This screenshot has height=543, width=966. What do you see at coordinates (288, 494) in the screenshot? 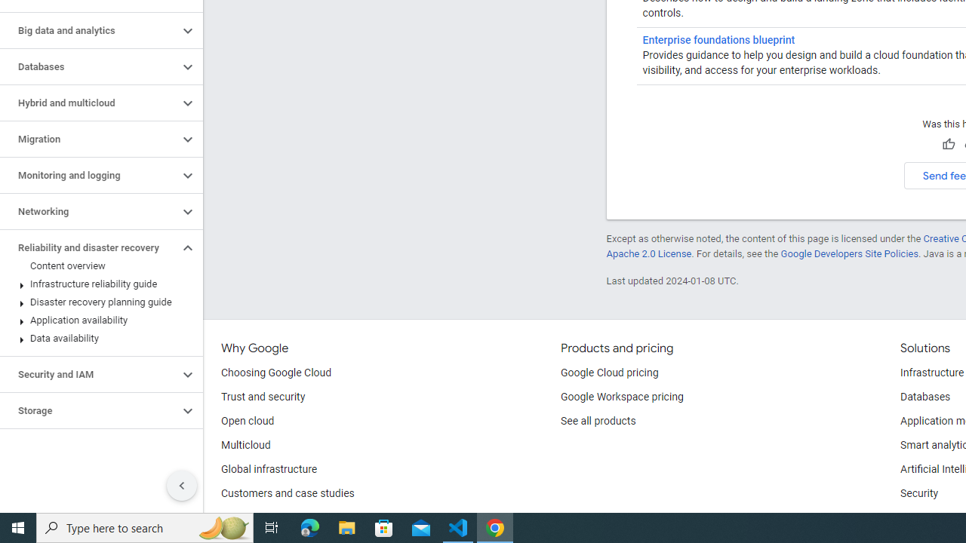
I see `'Customers and case studies'` at bounding box center [288, 494].